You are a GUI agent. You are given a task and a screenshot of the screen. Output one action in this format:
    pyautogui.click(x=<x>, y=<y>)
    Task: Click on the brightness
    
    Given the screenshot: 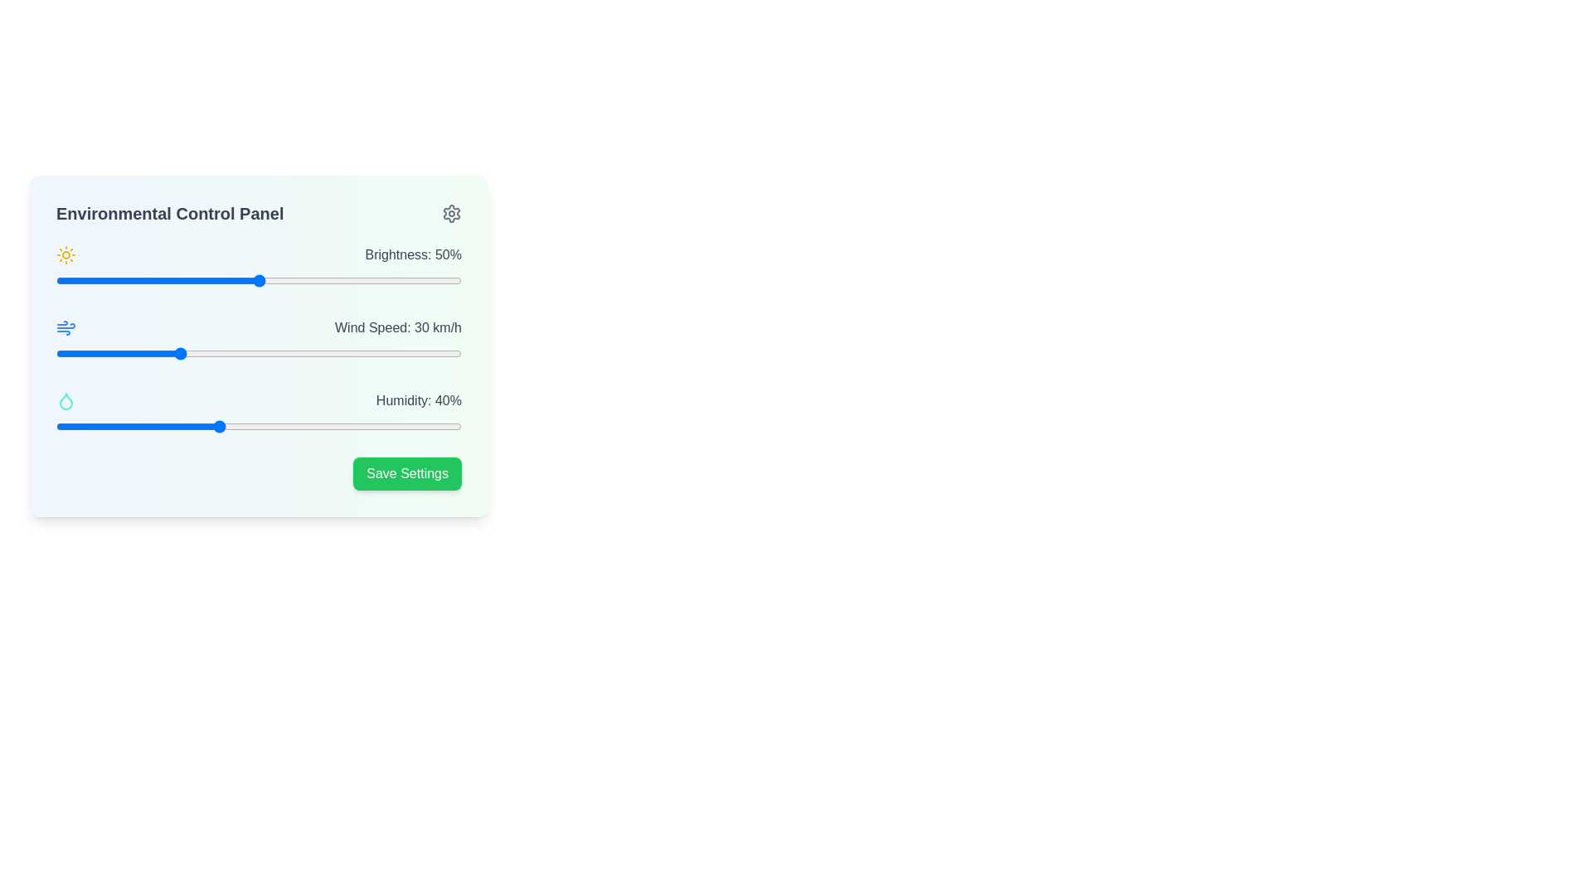 What is the action you would take?
    pyautogui.click(x=319, y=280)
    